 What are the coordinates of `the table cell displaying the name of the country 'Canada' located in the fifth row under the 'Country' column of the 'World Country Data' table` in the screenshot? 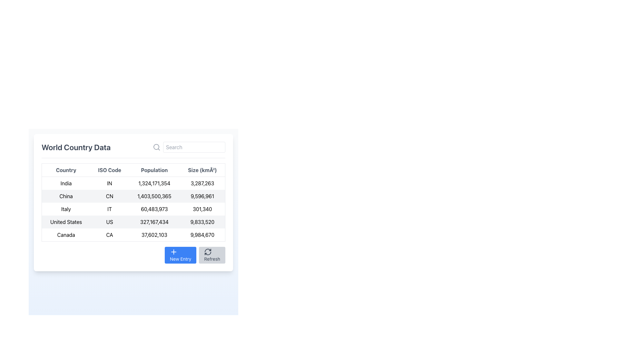 It's located at (66, 235).